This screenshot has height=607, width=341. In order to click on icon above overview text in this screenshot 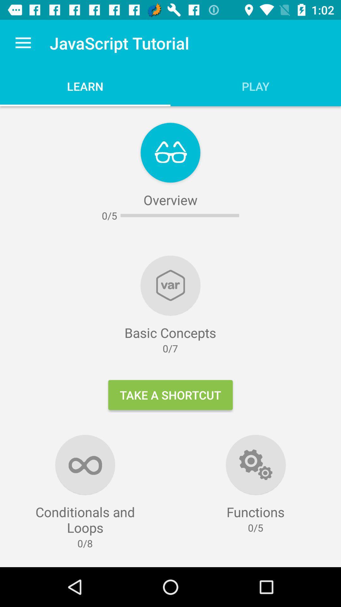, I will do `click(170, 153)`.